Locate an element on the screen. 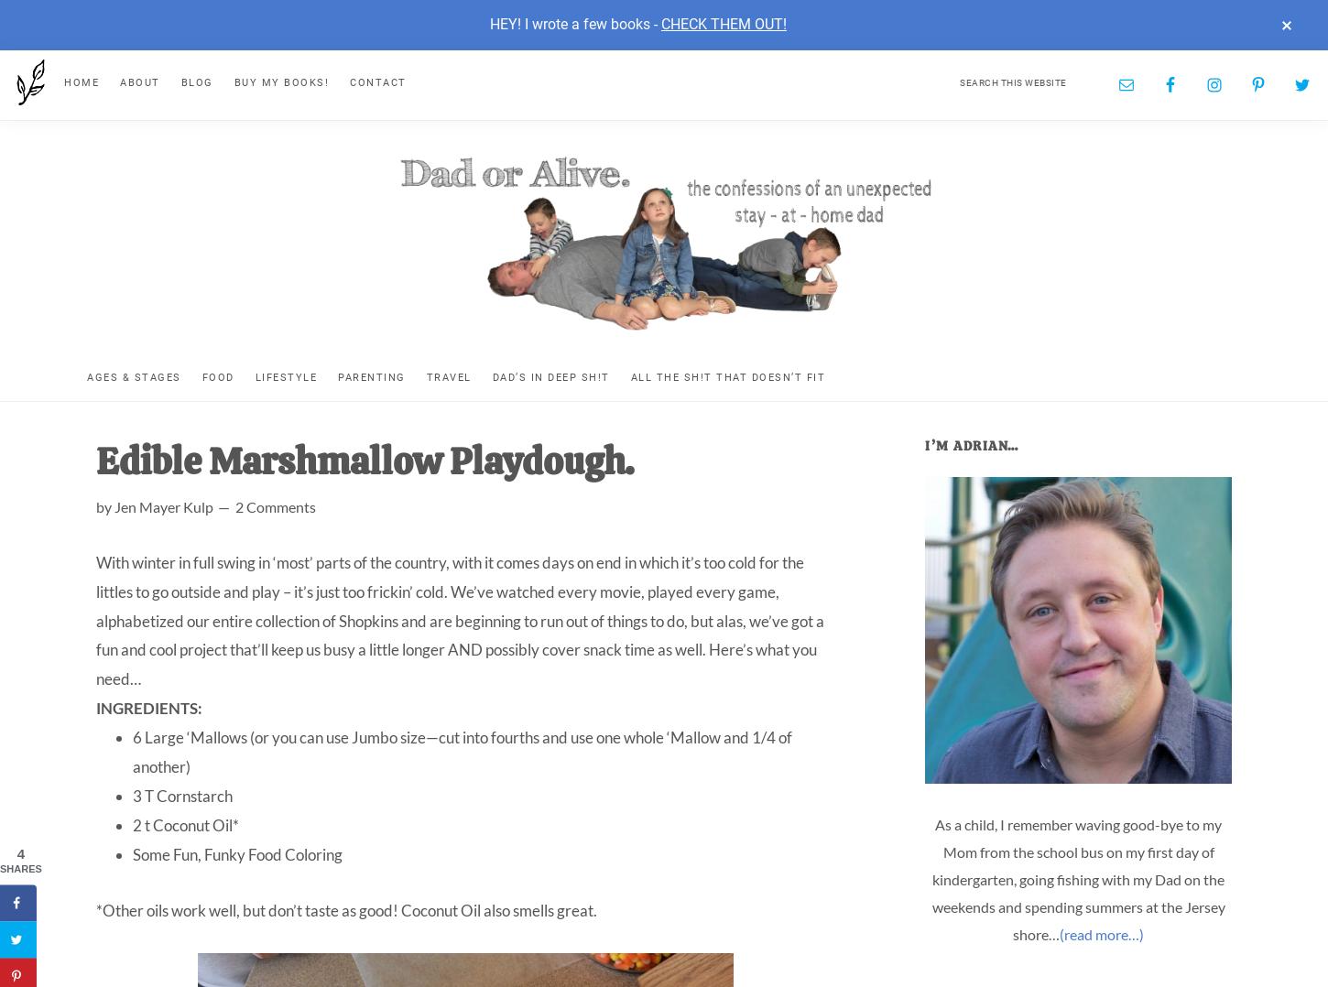 This screenshot has height=987, width=1328. 'Home' is located at coordinates (64, 81).